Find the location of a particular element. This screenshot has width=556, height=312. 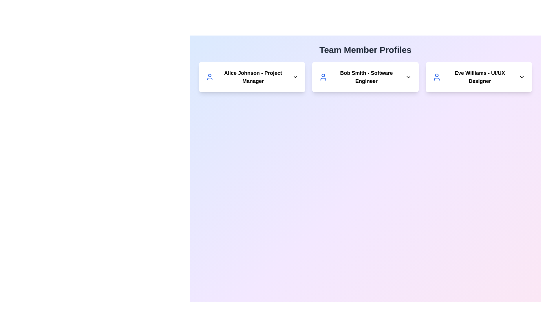

the text label displaying the name and professional designation of the team member, located in the middle column of the second card under 'Team Member Profiles' is located at coordinates (365, 77).